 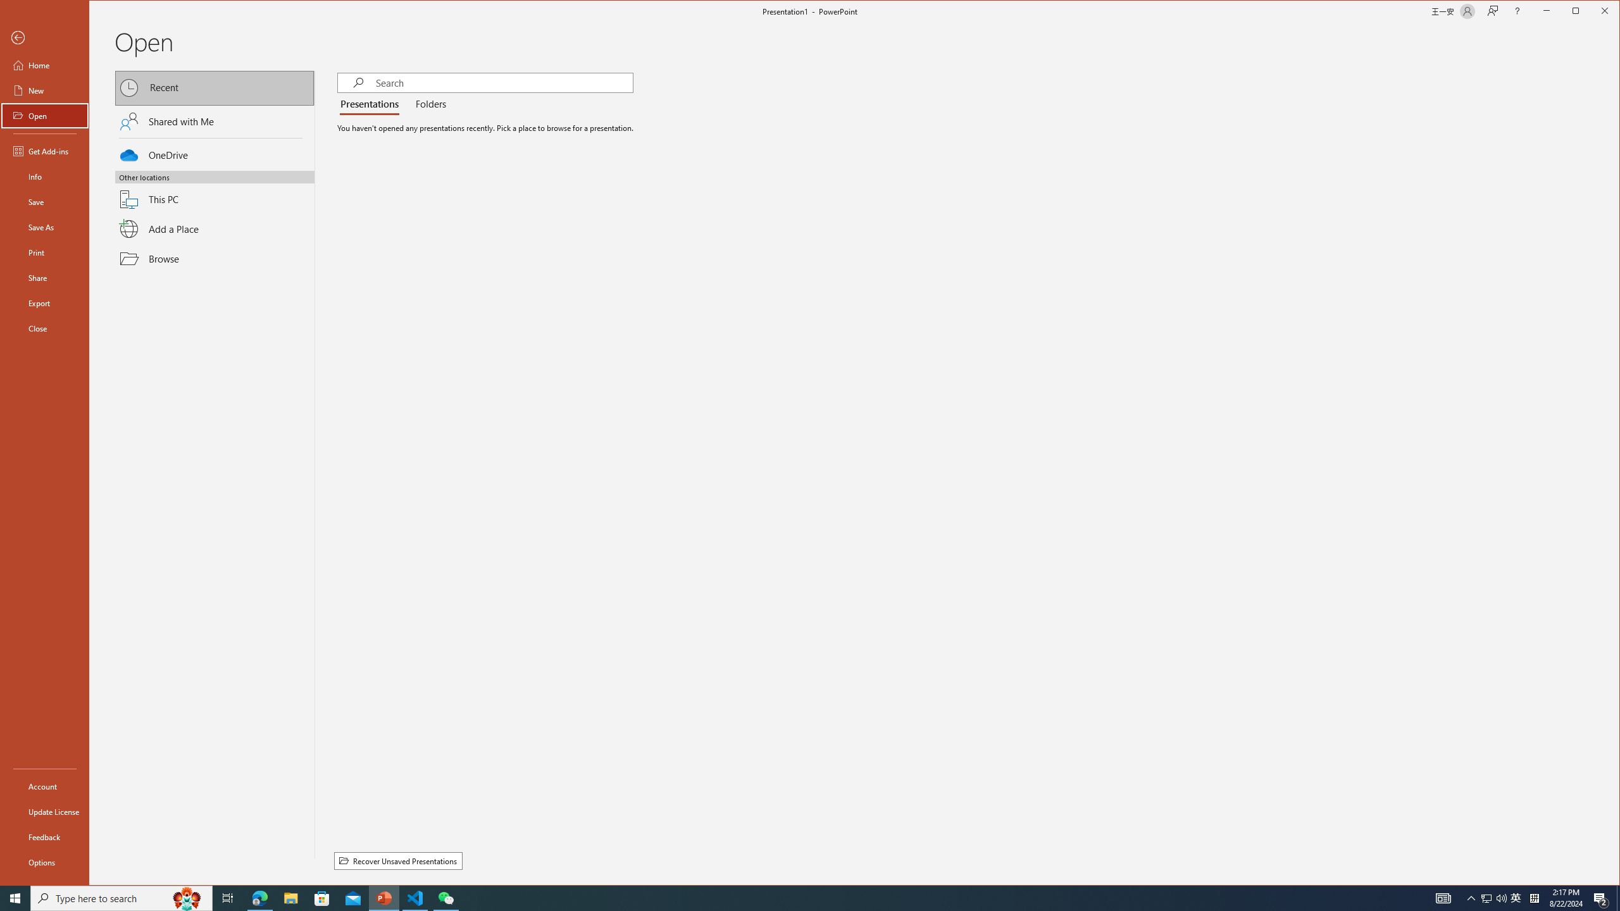 I want to click on 'Export', so click(x=44, y=302).